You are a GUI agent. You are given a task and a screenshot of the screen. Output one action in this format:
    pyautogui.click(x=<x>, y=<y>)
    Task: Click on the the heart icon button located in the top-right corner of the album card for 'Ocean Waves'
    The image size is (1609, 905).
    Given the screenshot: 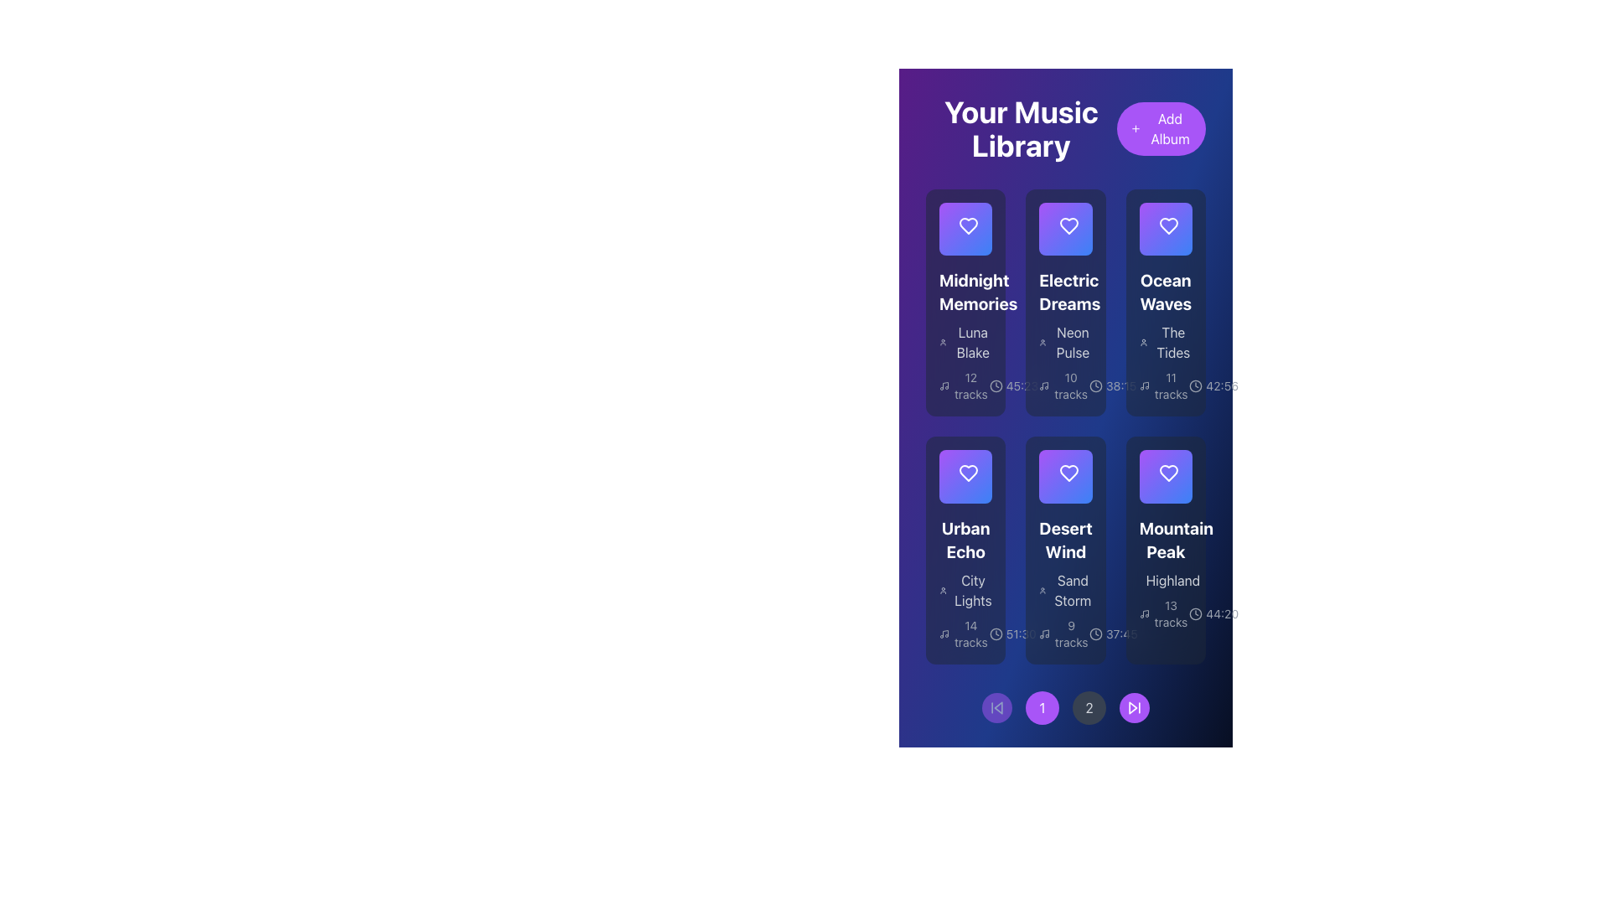 What is the action you would take?
    pyautogui.click(x=1168, y=229)
    